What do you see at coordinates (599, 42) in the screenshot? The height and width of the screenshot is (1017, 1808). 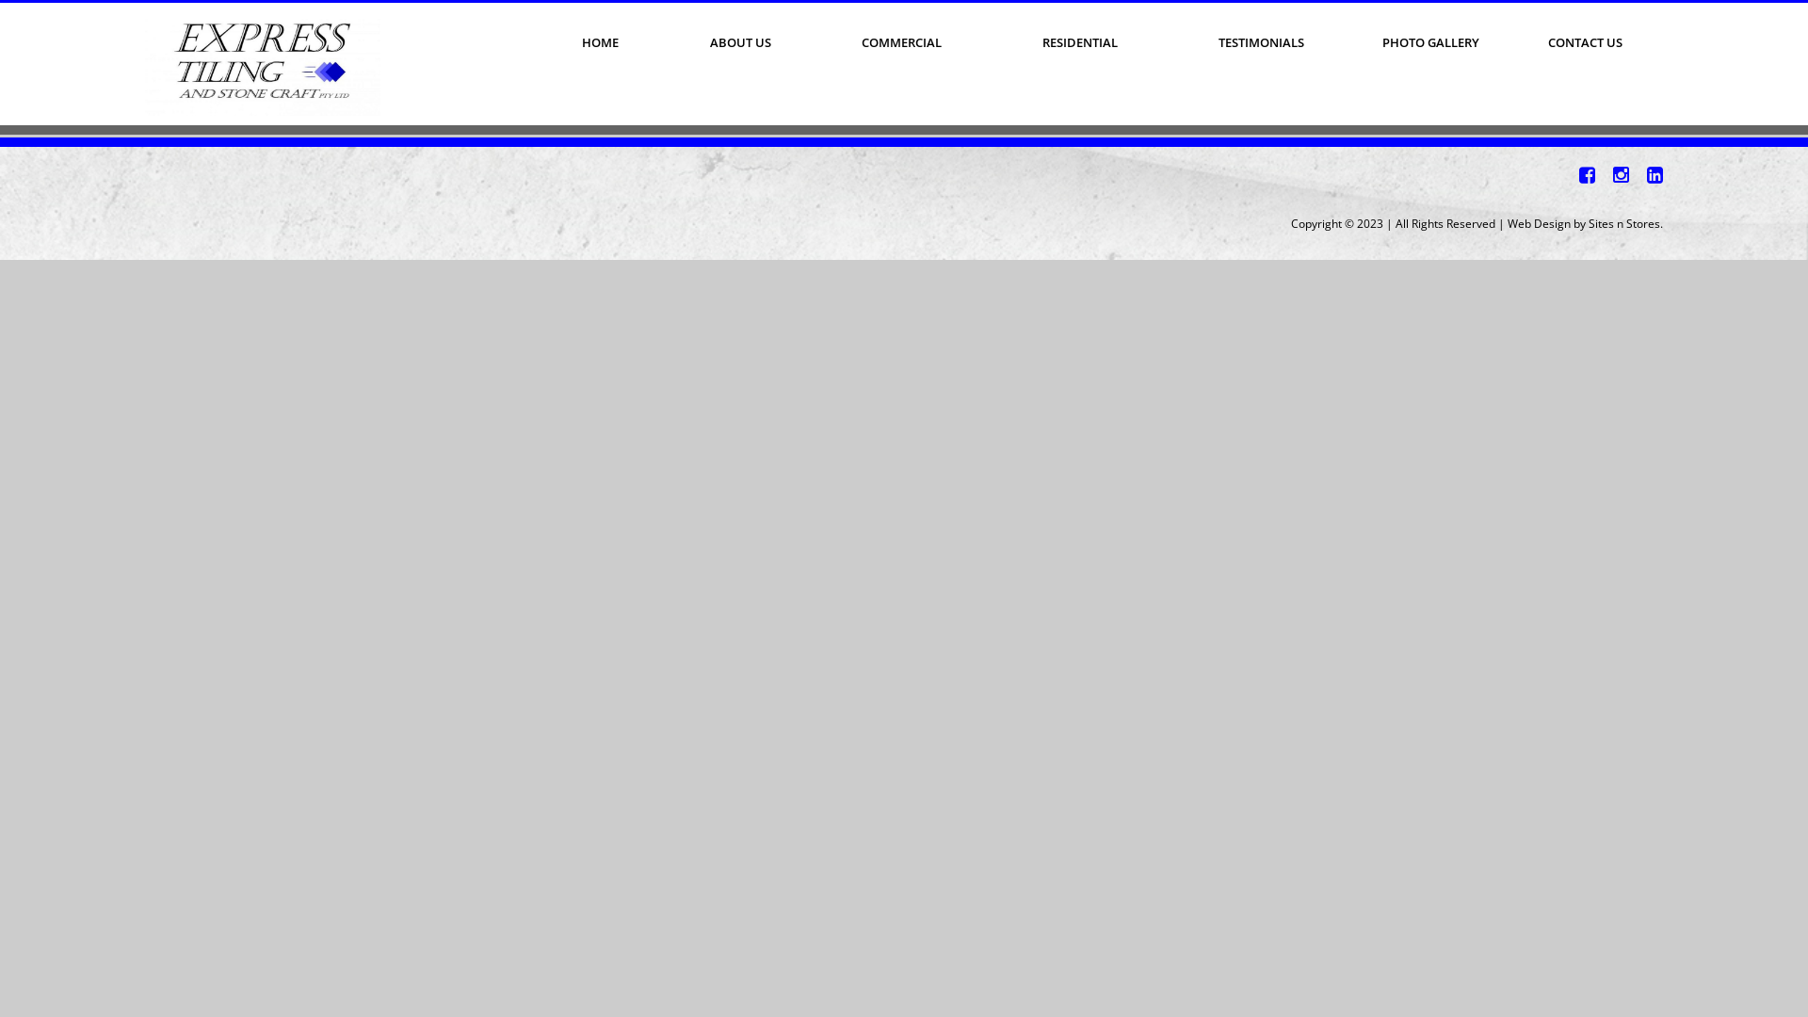 I see `'HOME'` at bounding box center [599, 42].